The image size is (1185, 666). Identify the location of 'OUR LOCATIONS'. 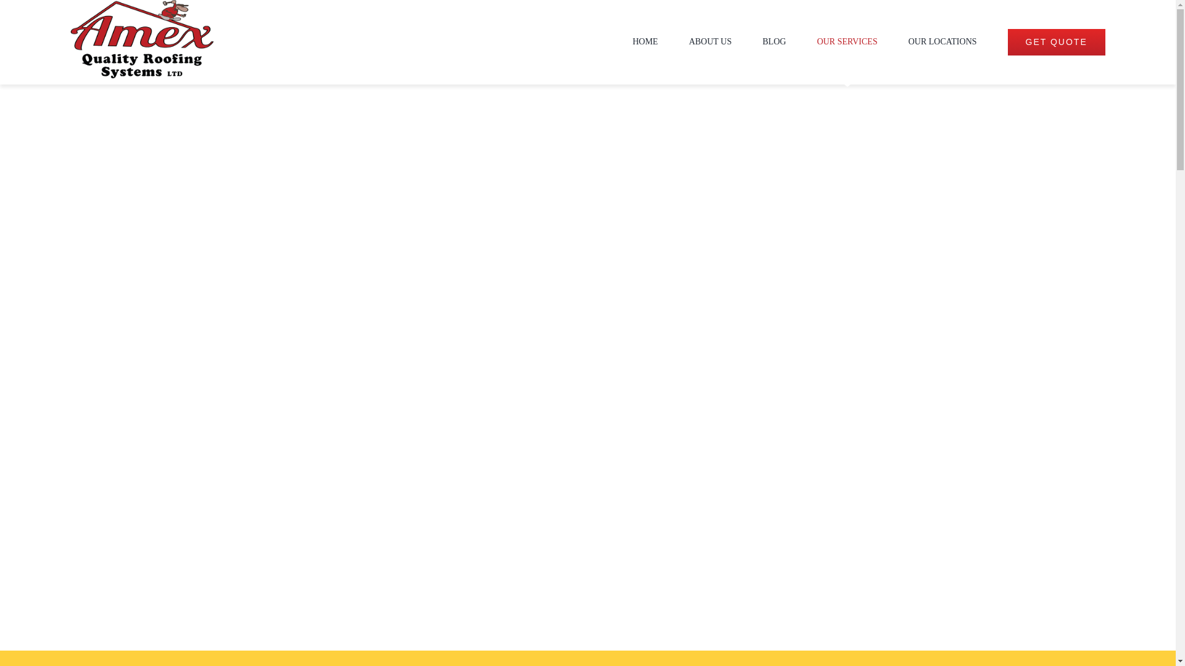
(908, 41).